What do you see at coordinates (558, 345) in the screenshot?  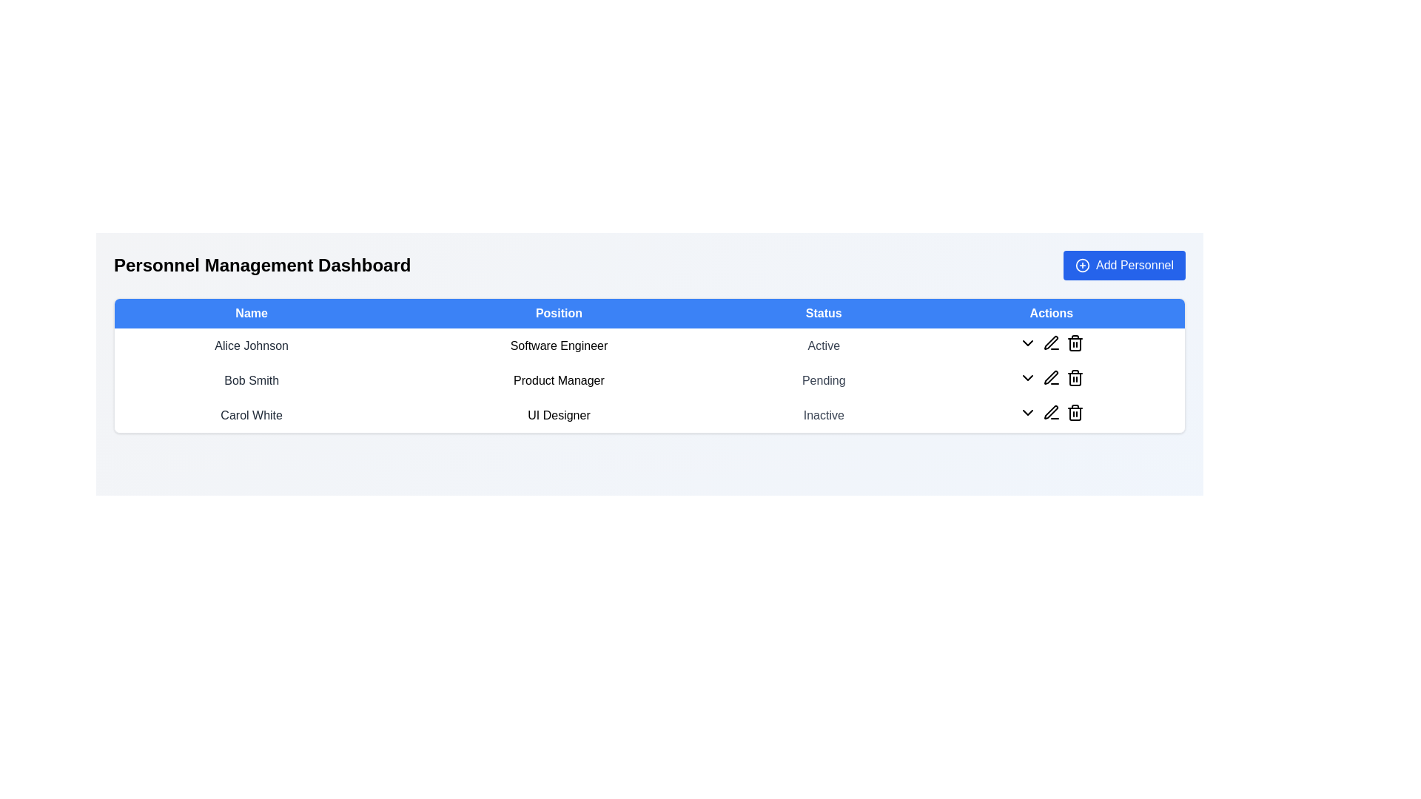 I see `the Text Display element that shows the job position for the person listed in the first row of the table under the 'Position' header, adjacent to 'Alice Johnson' on the left and 'Active' on the right` at bounding box center [558, 345].